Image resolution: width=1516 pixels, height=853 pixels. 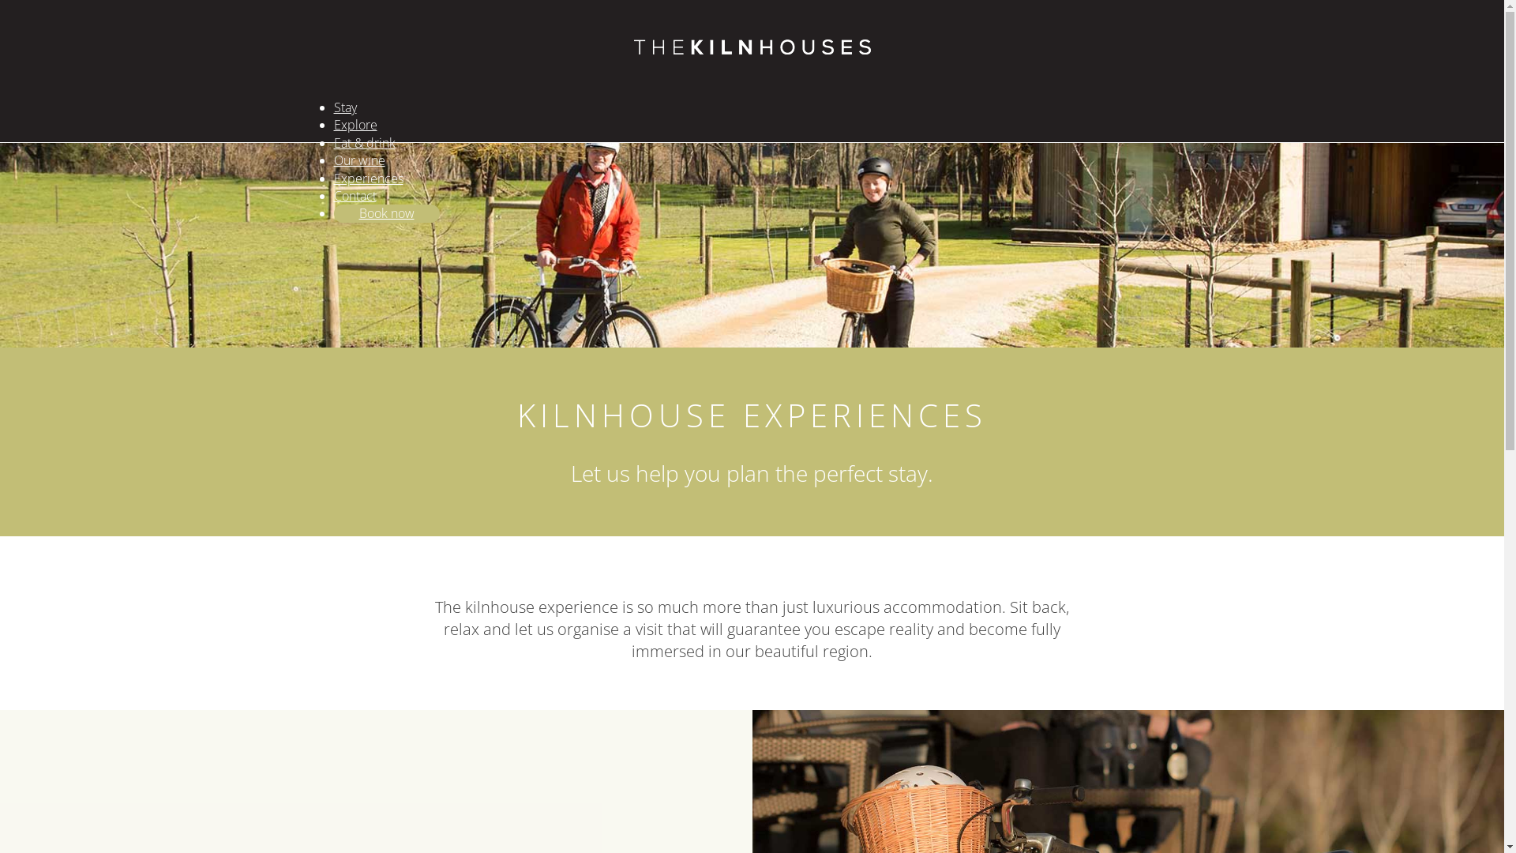 I want to click on 'Our wine', so click(x=358, y=160).